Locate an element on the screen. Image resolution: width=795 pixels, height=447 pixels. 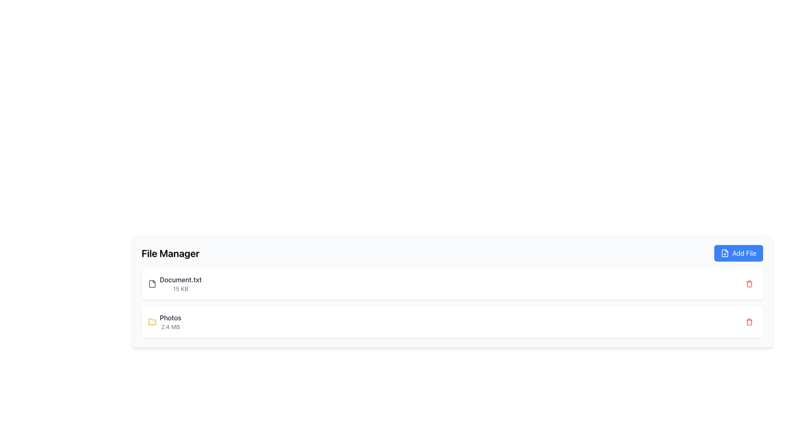
the 'Photos' folder entry in the File Manager section is located at coordinates (165, 322).